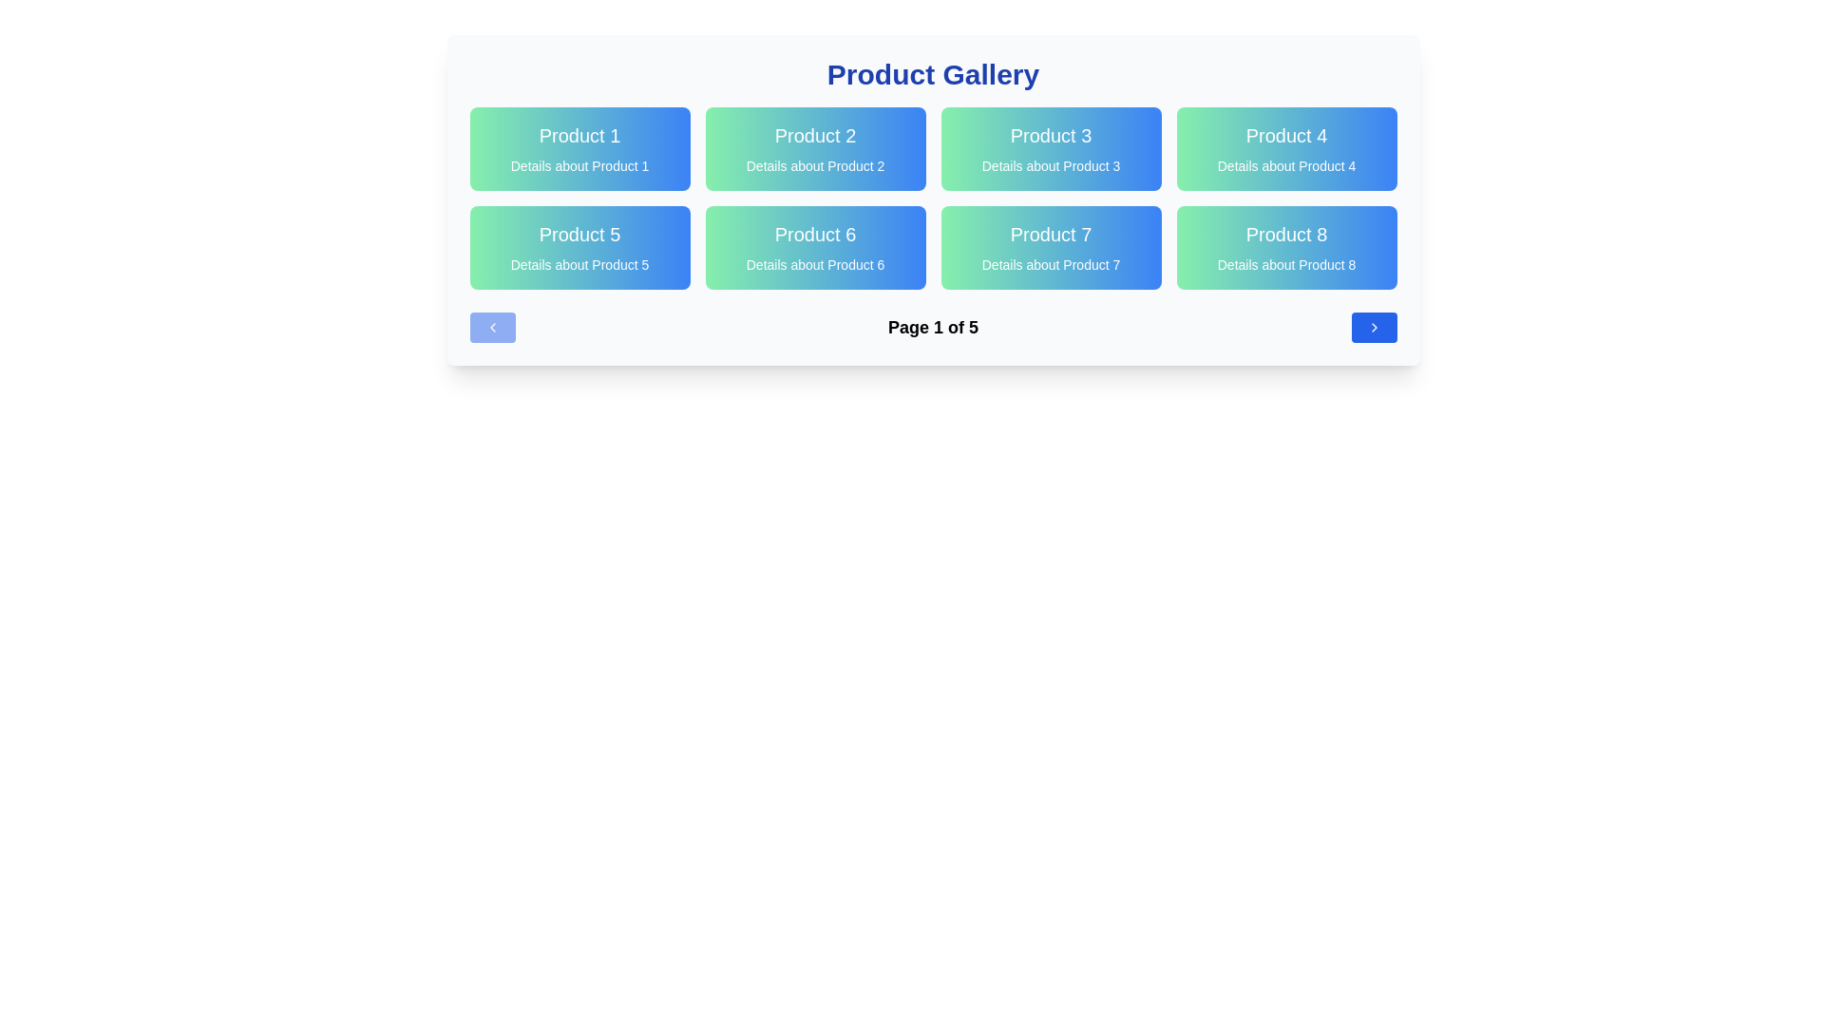  Describe the element at coordinates (1286, 148) in the screenshot. I see `the visual card presenting information about 'Product 4', located in the fourth column of the first row in a grid layout` at that location.